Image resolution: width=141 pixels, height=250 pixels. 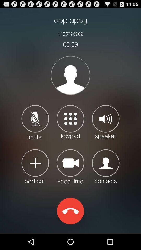 What do you see at coordinates (70, 211) in the screenshot?
I see `end call` at bounding box center [70, 211].